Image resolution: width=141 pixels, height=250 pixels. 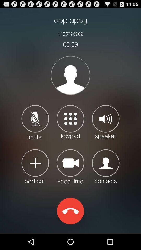 What do you see at coordinates (70, 211) in the screenshot?
I see `end call` at bounding box center [70, 211].